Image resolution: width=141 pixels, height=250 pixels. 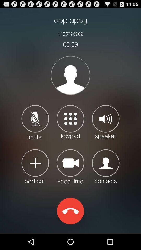 What do you see at coordinates (70, 211) in the screenshot?
I see `end call` at bounding box center [70, 211].